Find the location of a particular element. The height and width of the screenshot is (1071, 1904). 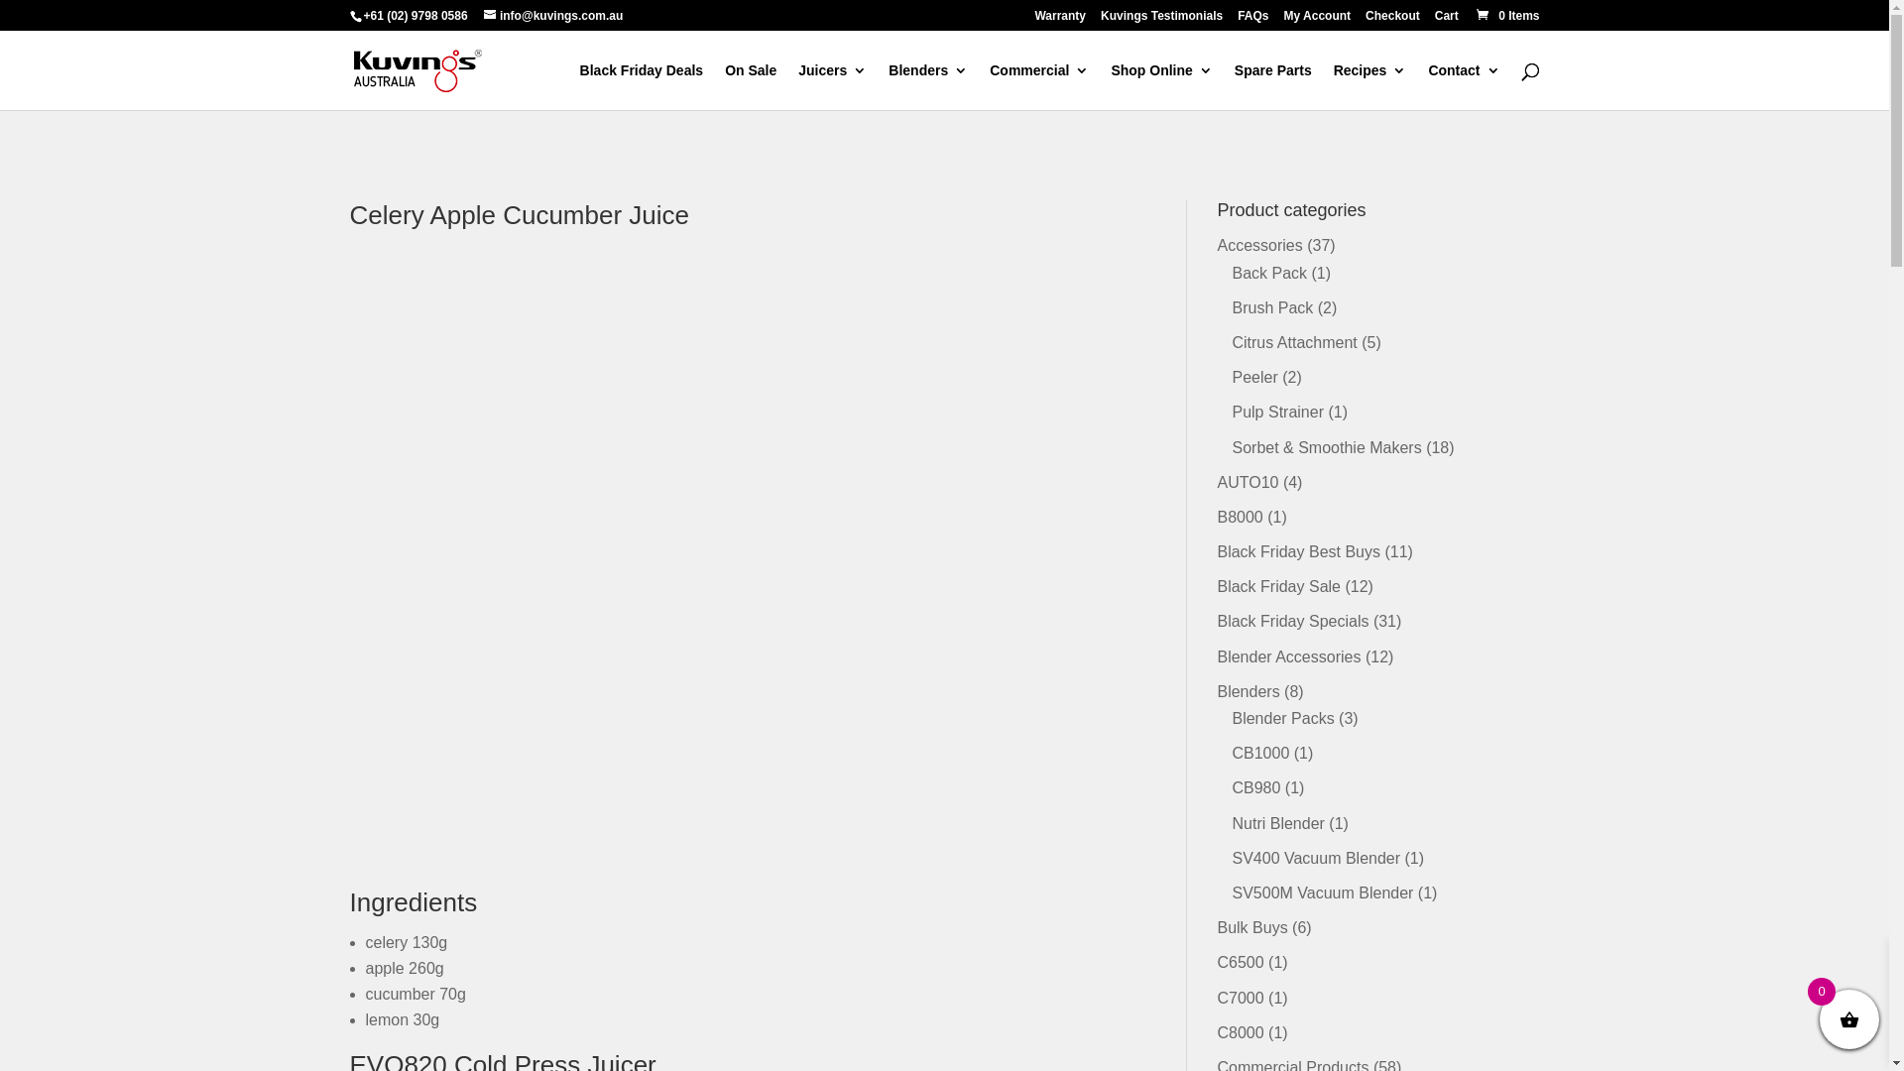

'Accessories' is located at coordinates (1216, 244).